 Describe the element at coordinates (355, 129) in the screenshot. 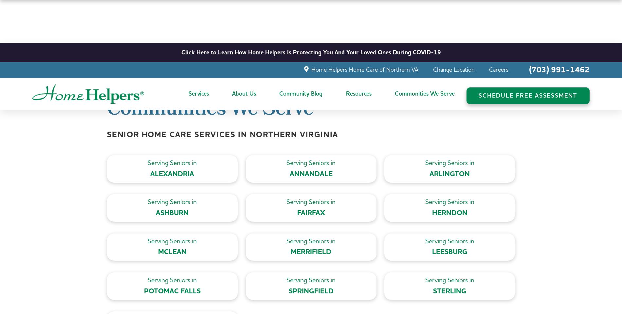

I see `'Military'` at that location.